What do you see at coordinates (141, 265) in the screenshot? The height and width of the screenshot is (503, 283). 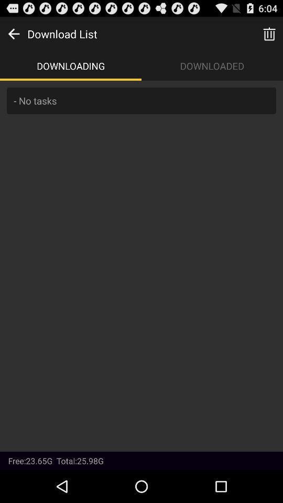 I see `downloading items screen` at bounding box center [141, 265].